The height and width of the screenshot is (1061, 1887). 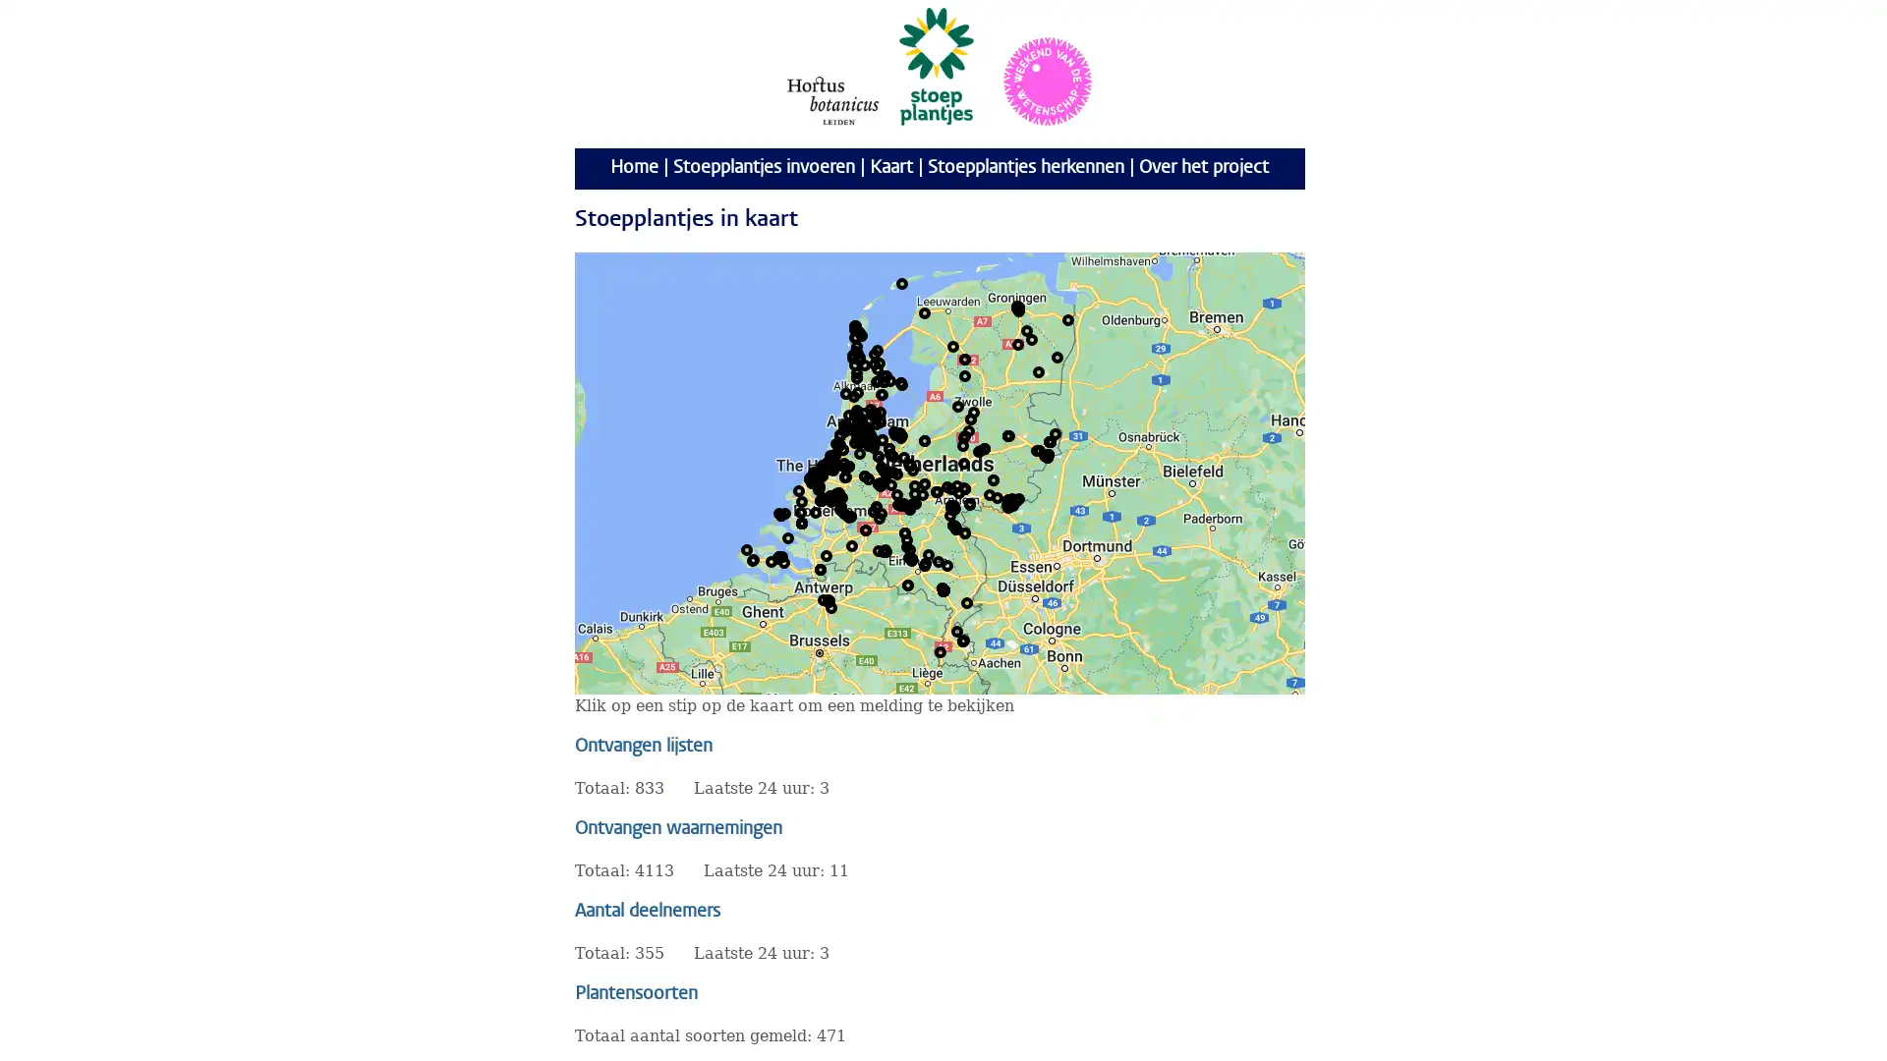 What do you see at coordinates (802, 522) in the screenshot?
I see `Telling van Yara op 03 juni 2022` at bounding box center [802, 522].